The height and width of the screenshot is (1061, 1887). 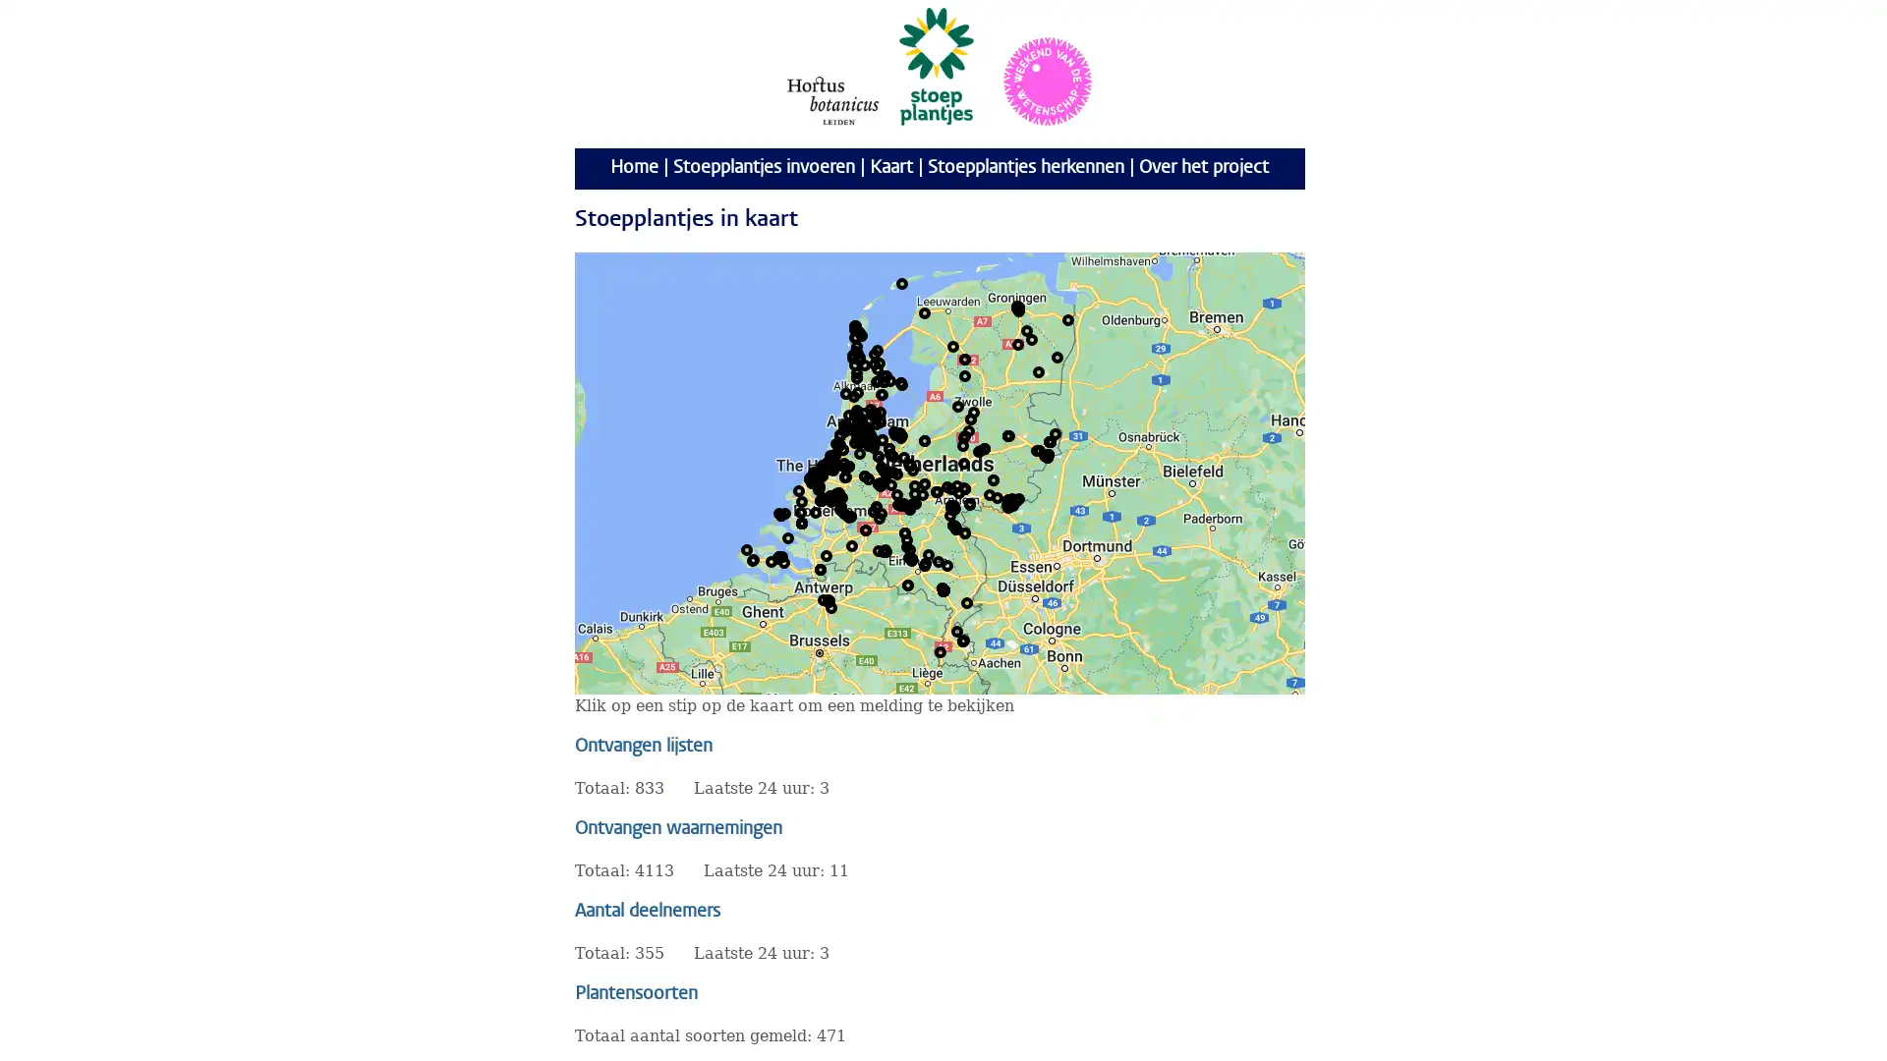 What do you see at coordinates (802, 522) in the screenshot?
I see `Telling van Yara op 03 juni 2022` at bounding box center [802, 522].